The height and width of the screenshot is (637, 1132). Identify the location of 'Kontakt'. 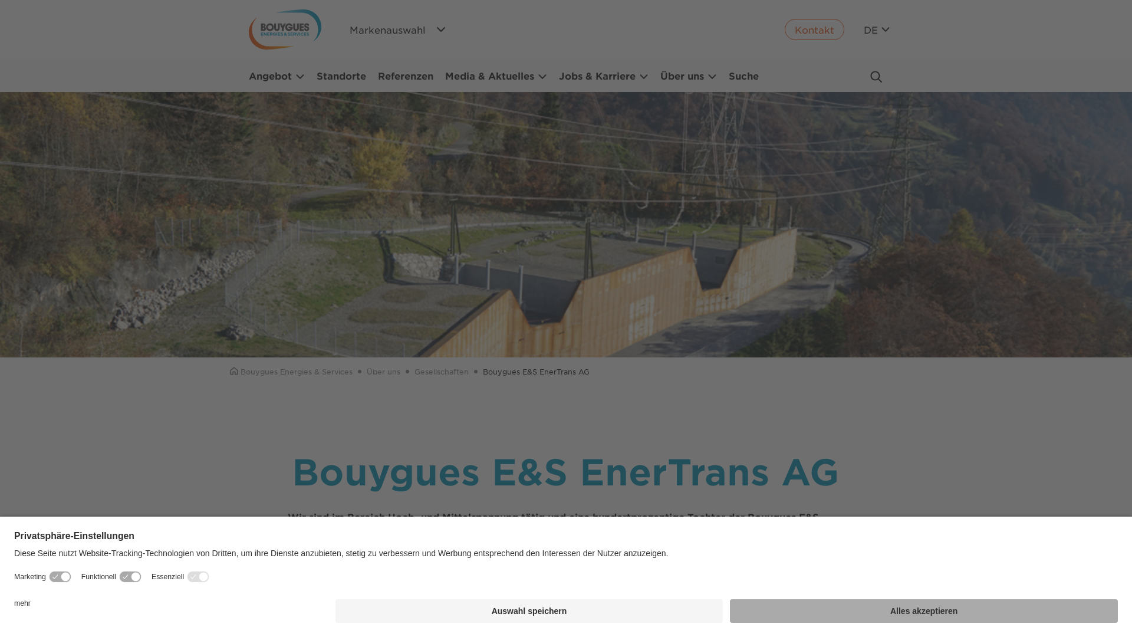
(814, 29).